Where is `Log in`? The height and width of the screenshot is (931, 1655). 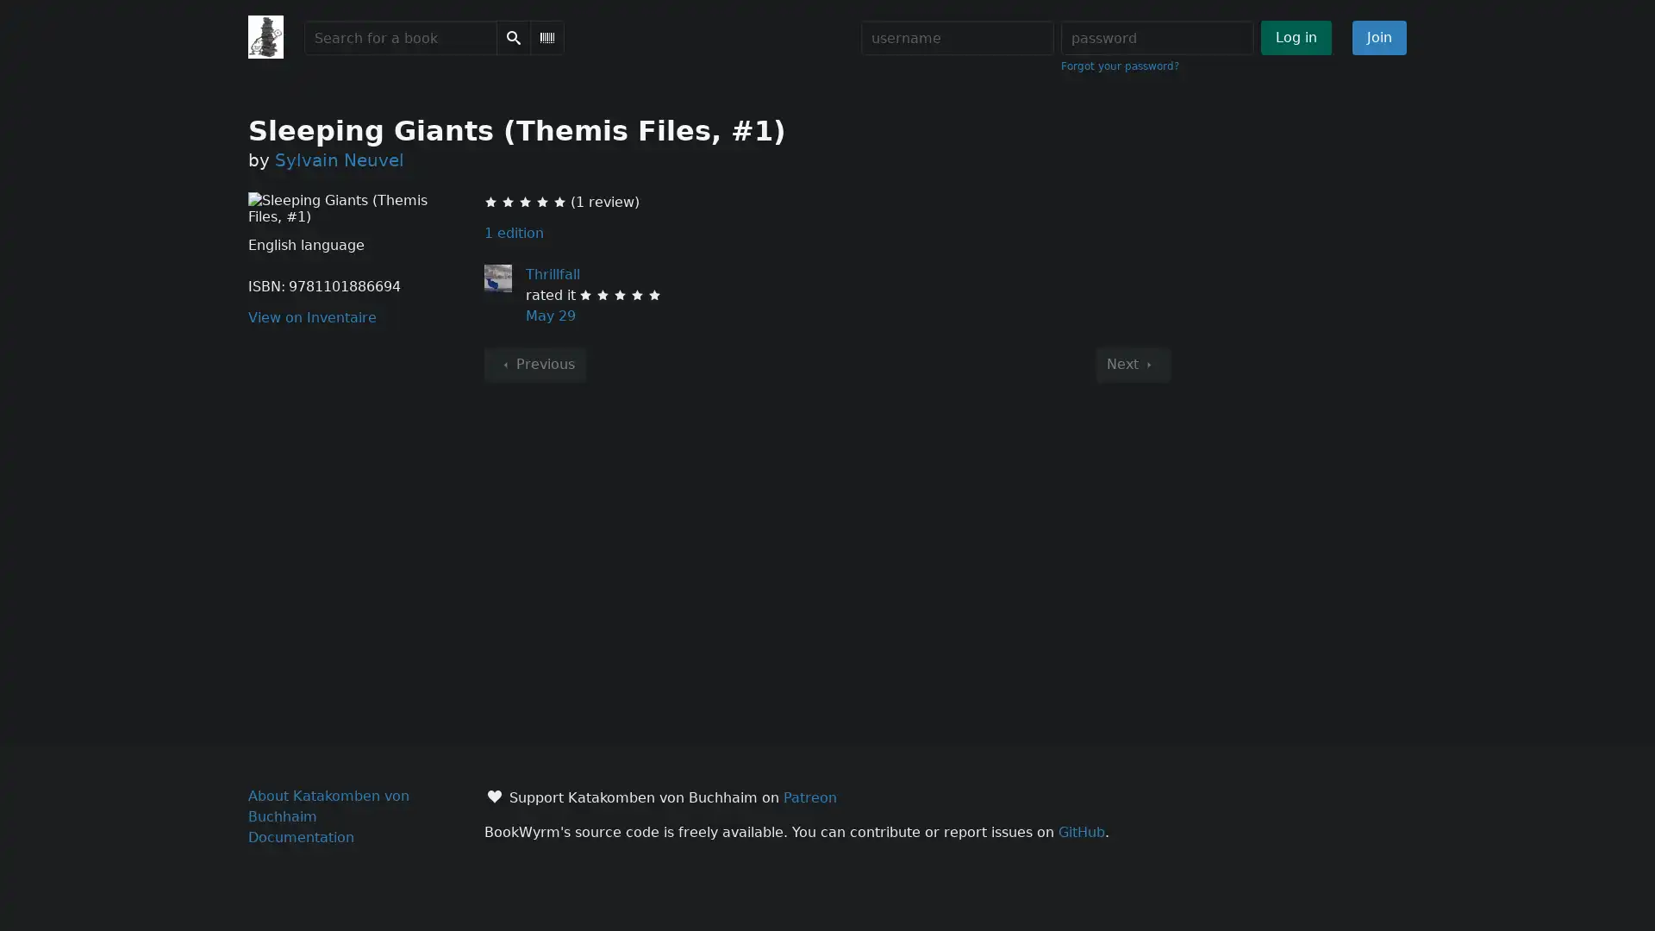 Log in is located at coordinates (1295, 37).